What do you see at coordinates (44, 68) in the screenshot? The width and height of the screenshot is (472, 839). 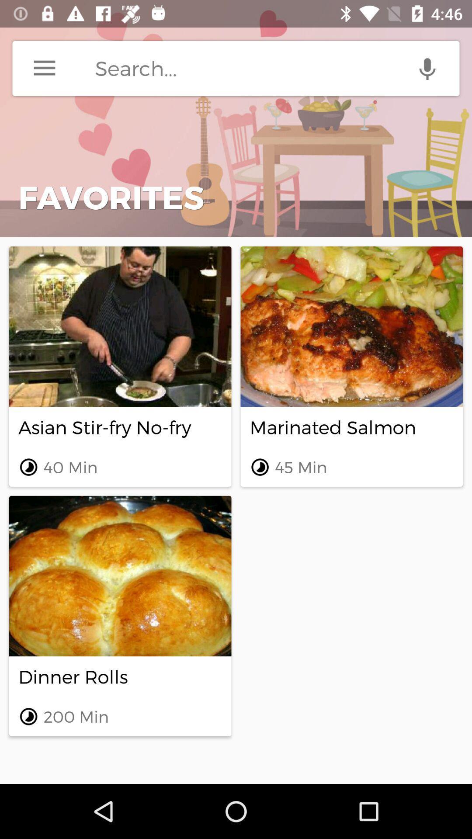 I see `menu options` at bounding box center [44, 68].